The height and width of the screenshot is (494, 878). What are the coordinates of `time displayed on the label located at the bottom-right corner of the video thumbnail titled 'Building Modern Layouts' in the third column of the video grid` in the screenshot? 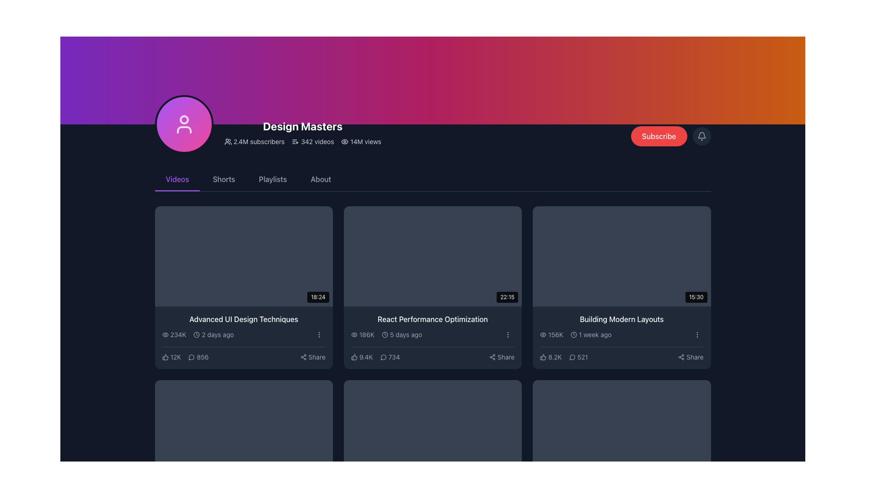 It's located at (696, 297).